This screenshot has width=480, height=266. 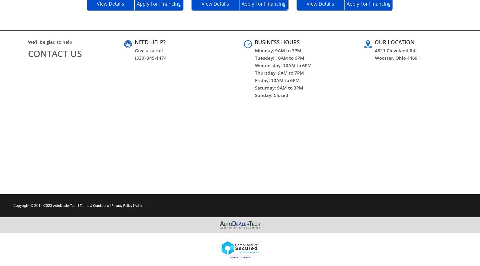 I want to click on '4821 Cleveland Rd.', so click(x=396, y=50).